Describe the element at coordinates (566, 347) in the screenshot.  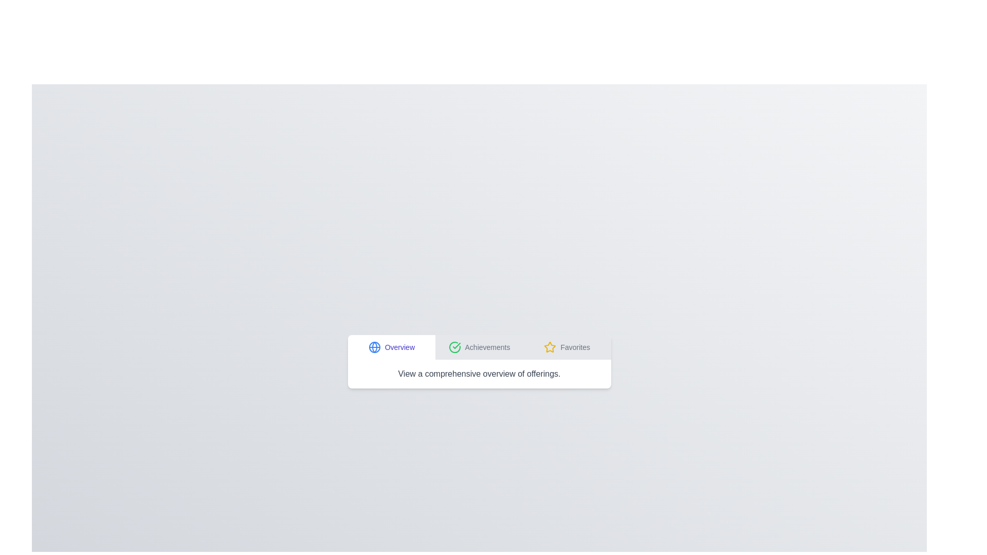
I see `the tab labeled Favorites` at that location.